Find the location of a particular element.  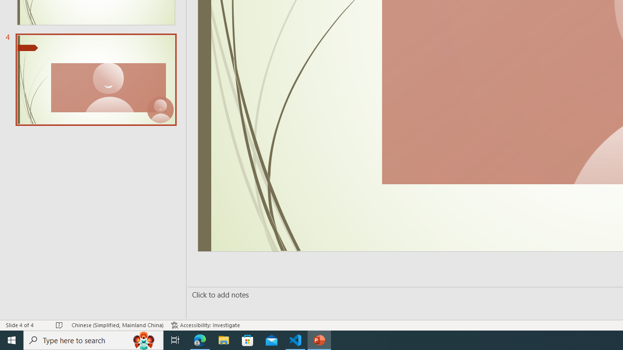

'Accessibility Checker Accessibility: Investigate' is located at coordinates (205, 325).